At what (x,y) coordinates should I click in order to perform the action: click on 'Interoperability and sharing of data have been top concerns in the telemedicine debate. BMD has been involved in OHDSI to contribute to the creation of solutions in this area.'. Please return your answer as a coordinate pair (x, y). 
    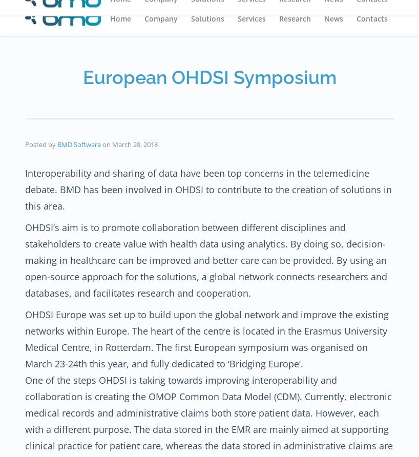
    Looking at the image, I should click on (208, 189).